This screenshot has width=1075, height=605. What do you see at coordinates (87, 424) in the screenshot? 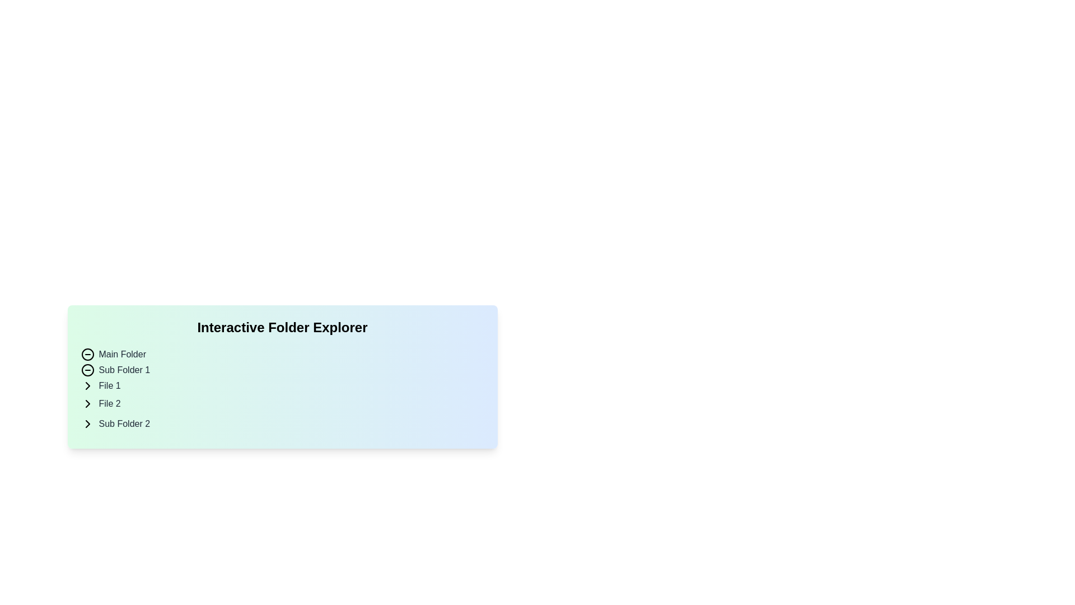
I see `the right-facing chevron arrow icon for 'Sub Folder 2' in the file explorer to expand or collapse its contents` at bounding box center [87, 424].